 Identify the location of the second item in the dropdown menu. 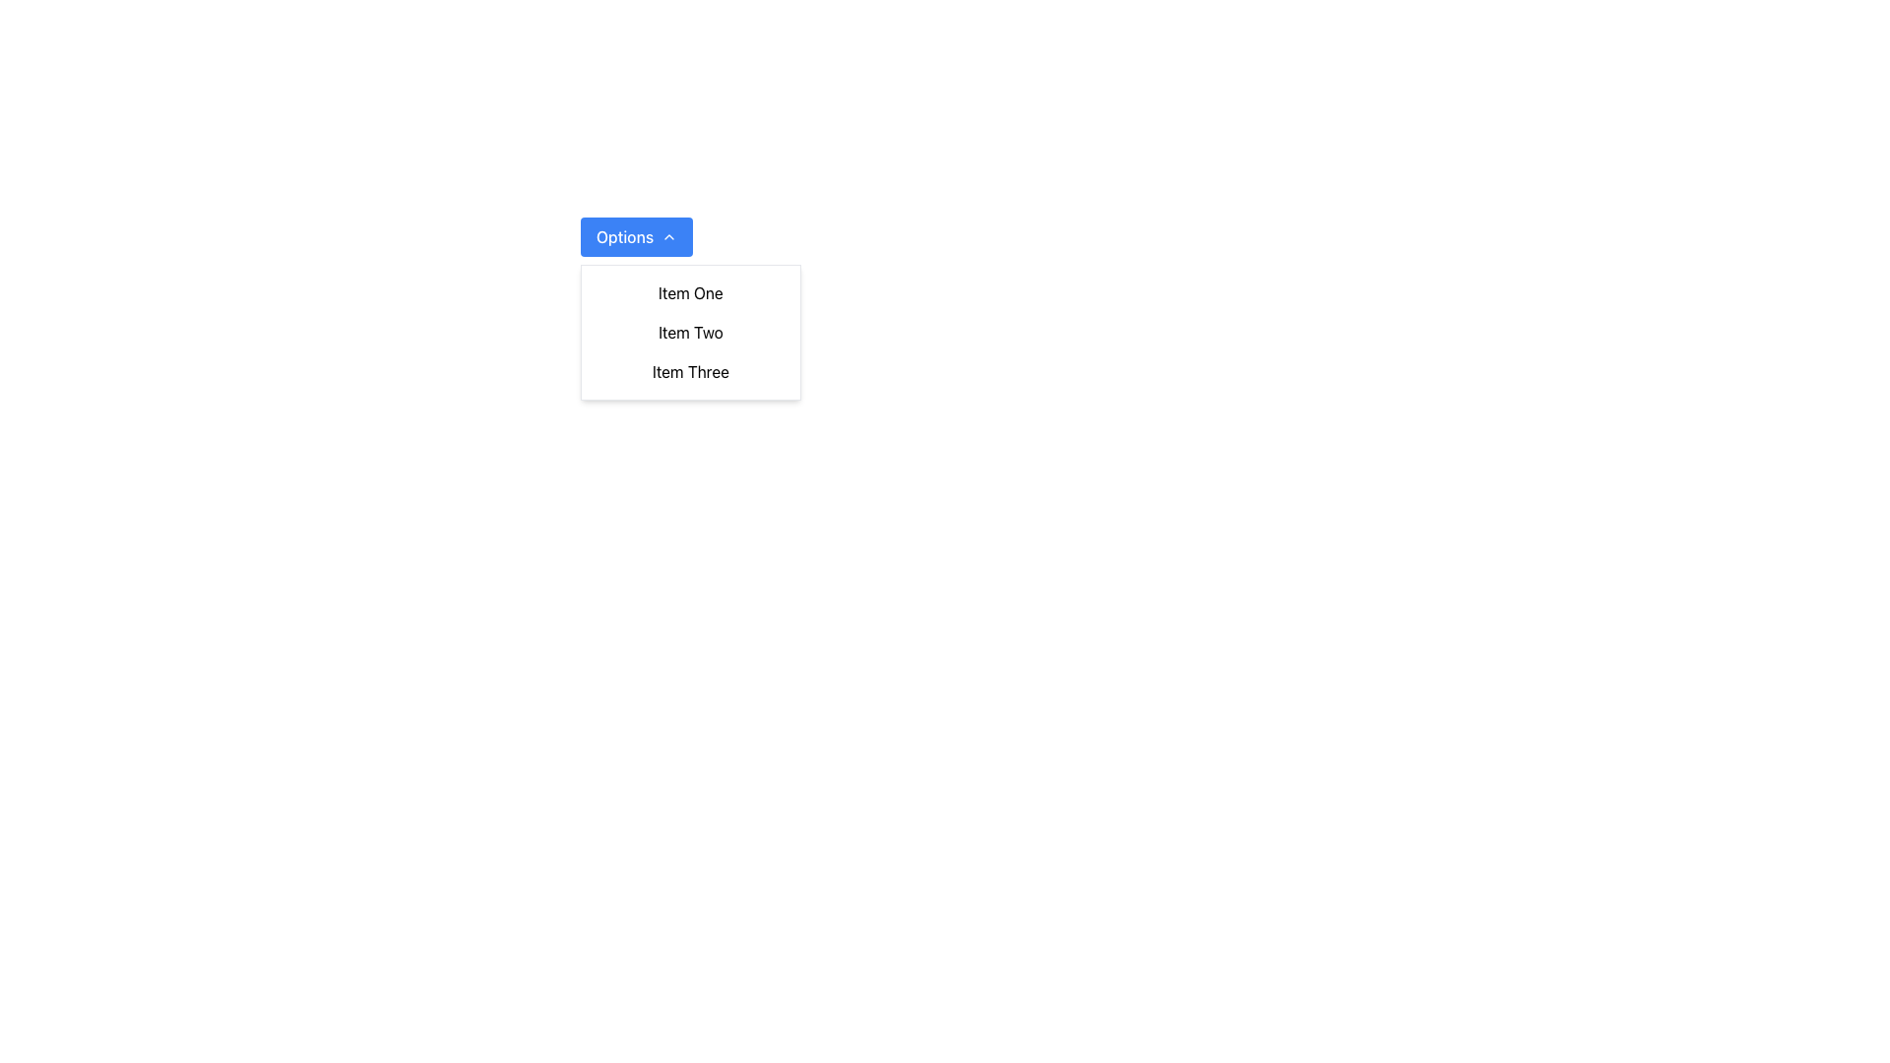
(690, 332).